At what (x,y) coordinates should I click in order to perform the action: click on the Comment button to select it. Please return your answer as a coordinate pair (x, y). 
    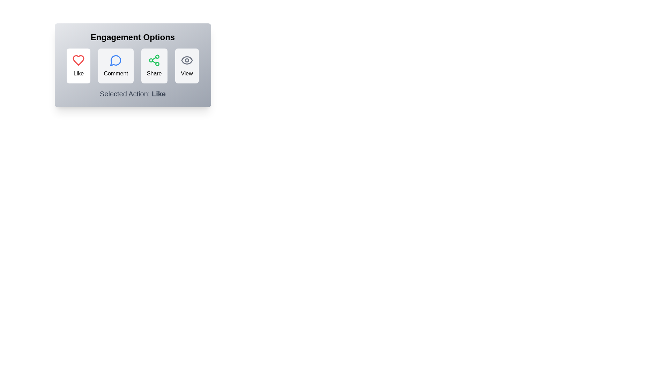
    Looking at the image, I should click on (116, 66).